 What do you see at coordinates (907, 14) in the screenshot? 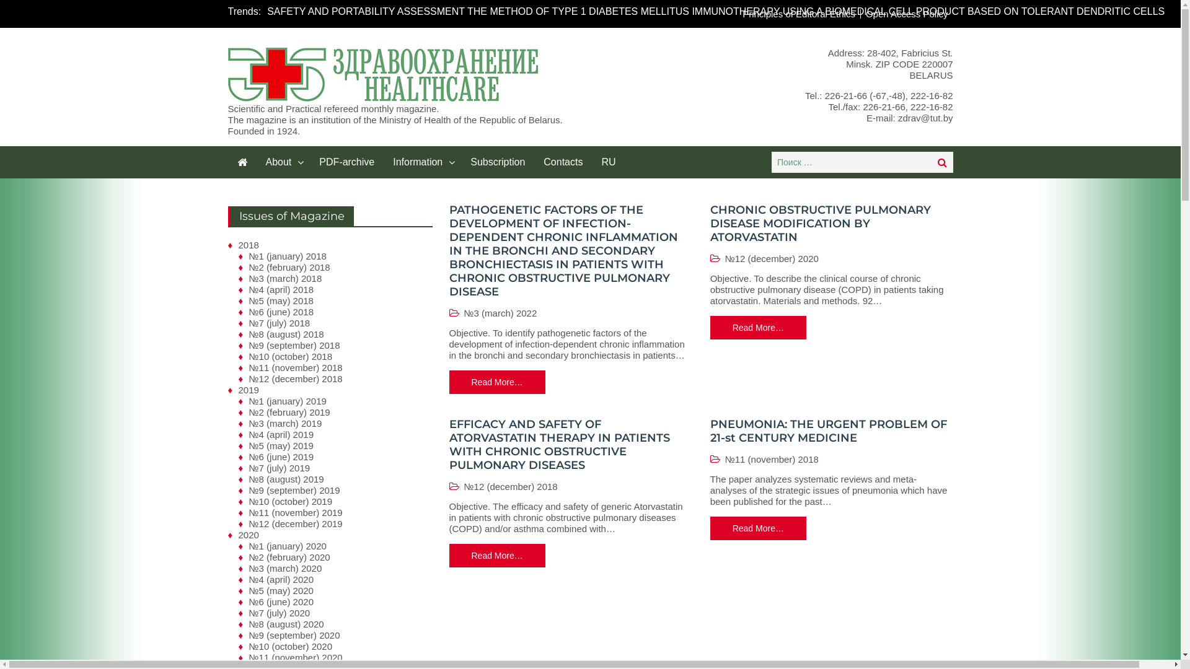
I see `'Open Access Policy'` at bounding box center [907, 14].